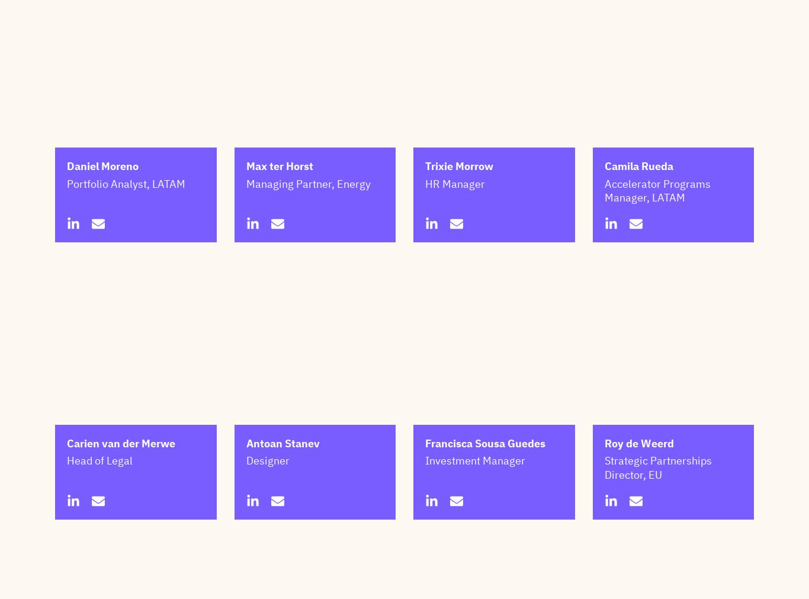 The width and height of the screenshot is (809, 599). What do you see at coordinates (282, 502) in the screenshot?
I see `'Antoan Stanev'` at bounding box center [282, 502].